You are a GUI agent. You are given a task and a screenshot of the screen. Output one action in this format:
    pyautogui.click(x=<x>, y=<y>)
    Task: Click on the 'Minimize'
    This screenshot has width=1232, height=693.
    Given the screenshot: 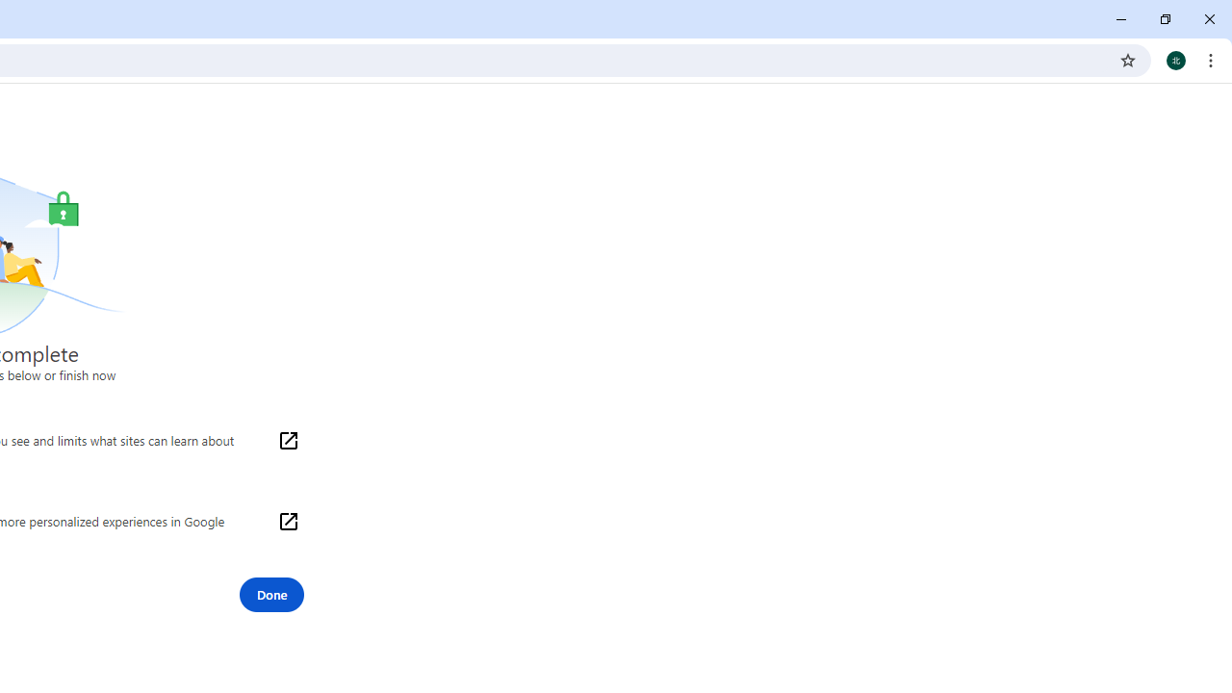 What is the action you would take?
    pyautogui.click(x=1121, y=19)
    